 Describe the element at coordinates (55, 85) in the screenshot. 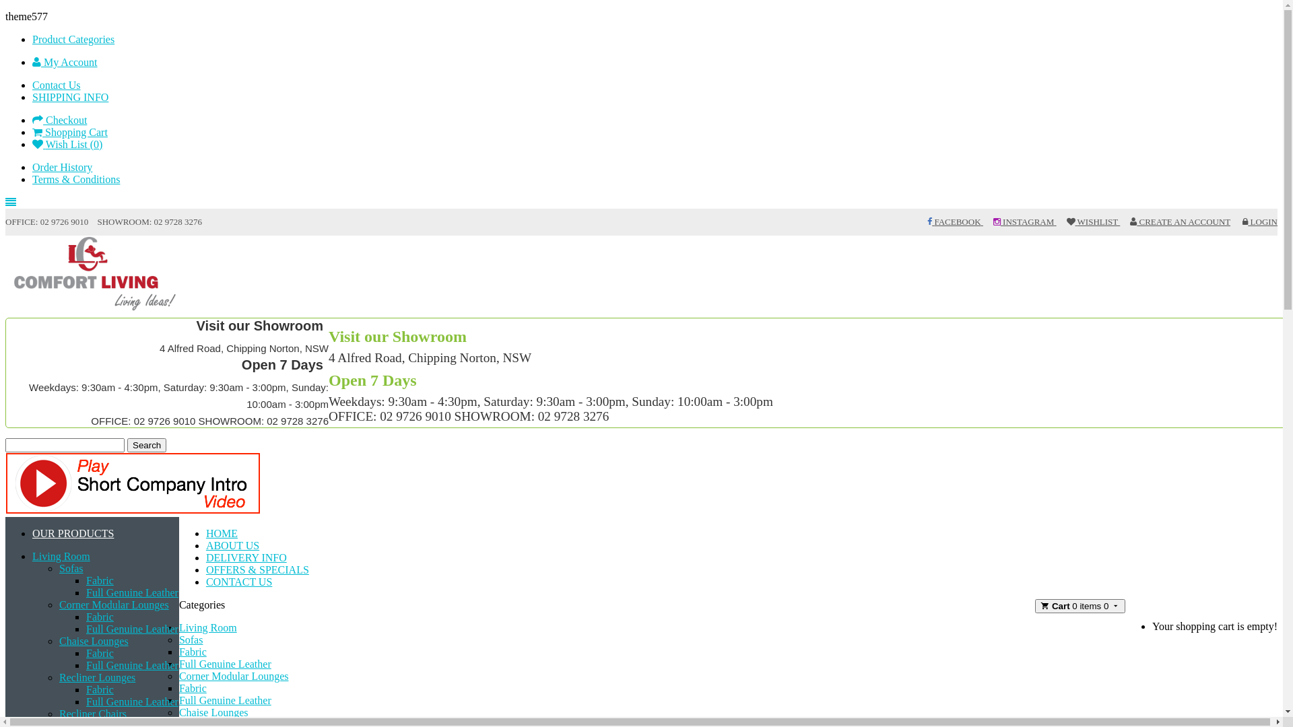

I see `'Contact Us'` at that location.